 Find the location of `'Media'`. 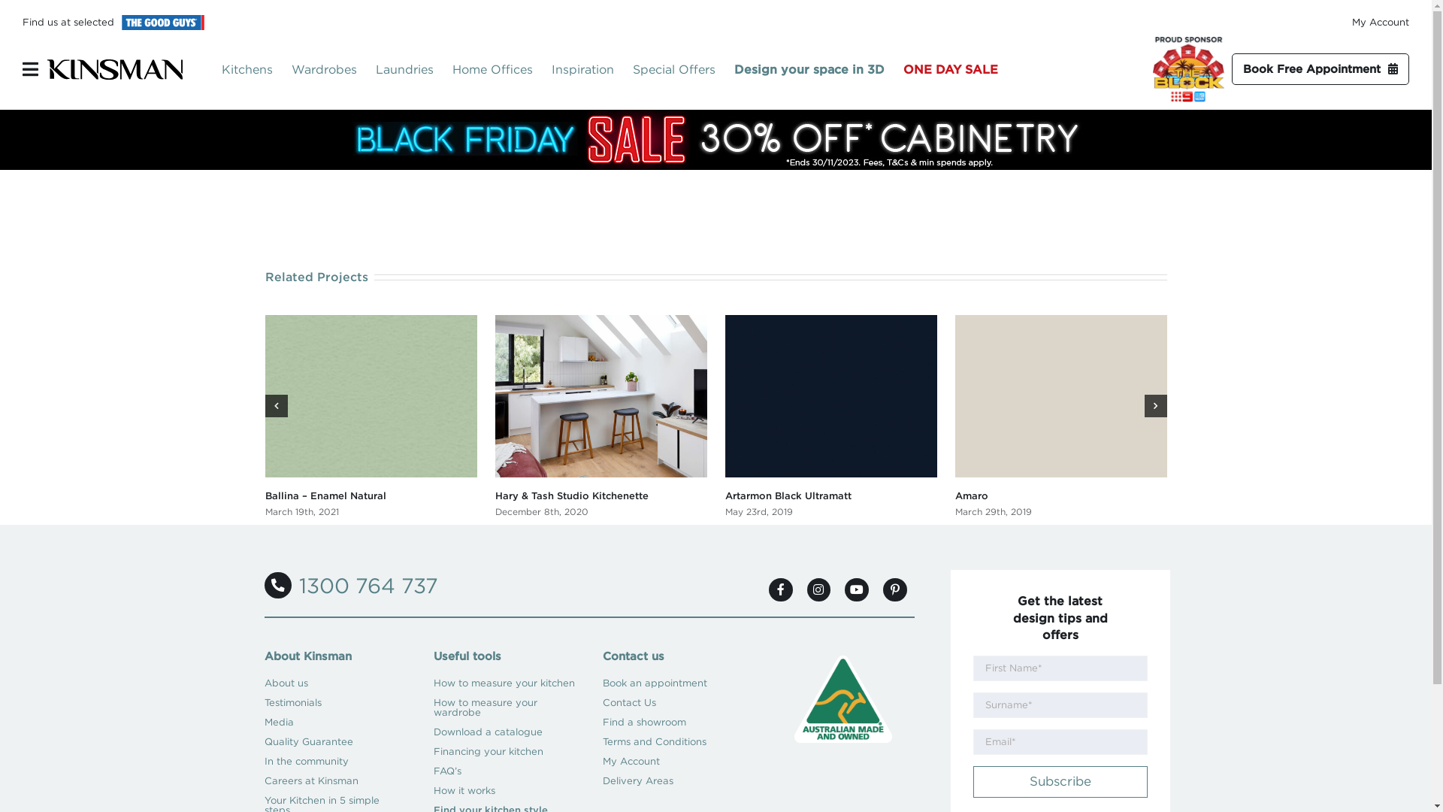

'Media' is located at coordinates (334, 721).